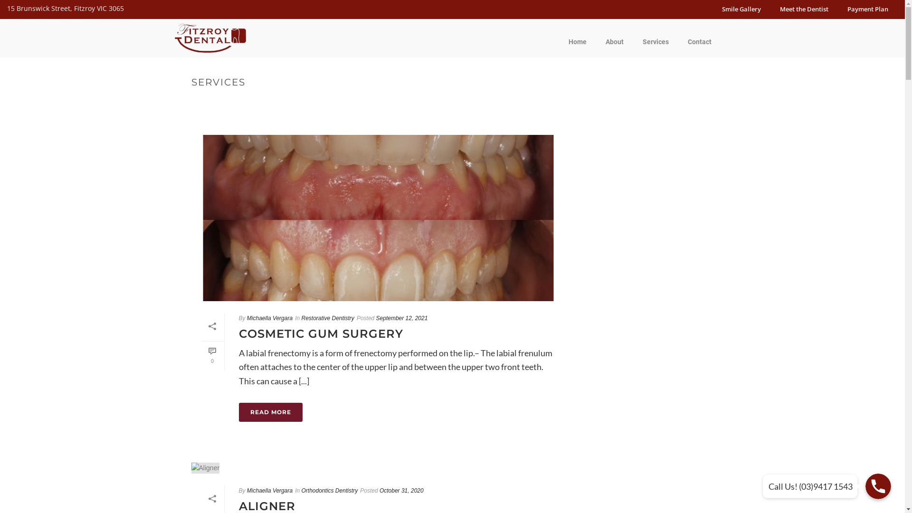  What do you see at coordinates (270, 411) in the screenshot?
I see `'READ MORE'` at bounding box center [270, 411].